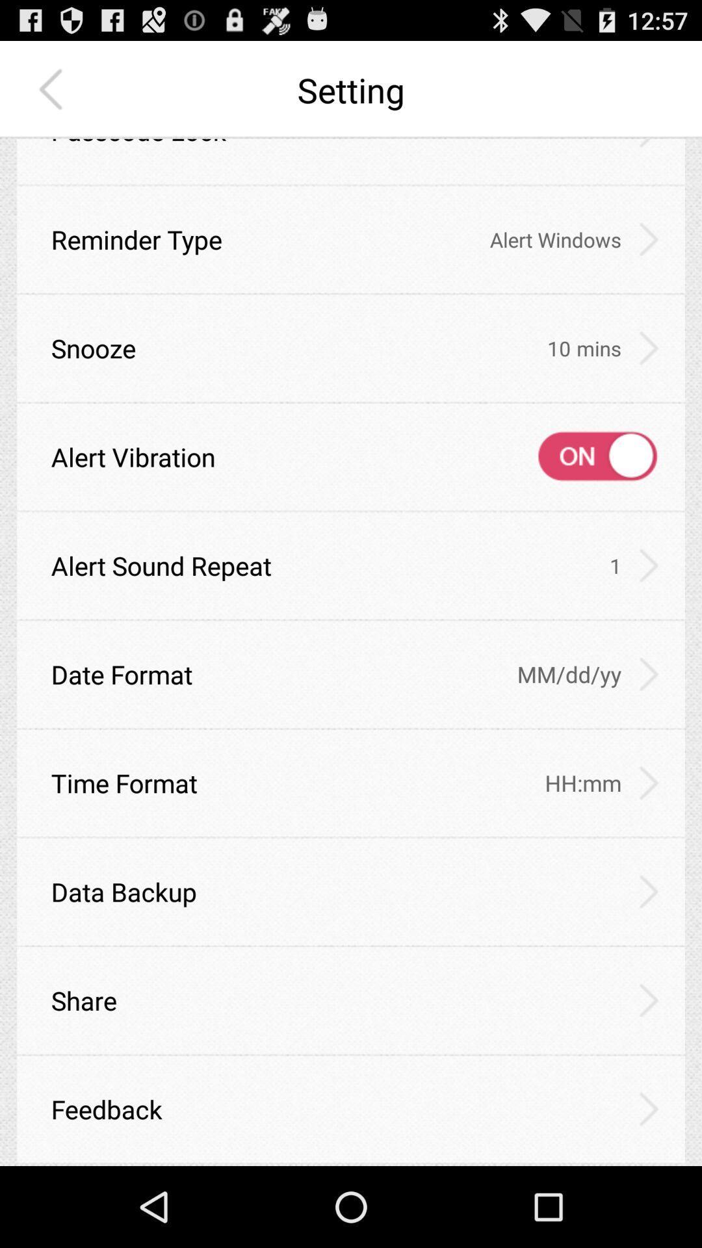  I want to click on the arrow_backward icon, so click(53, 96).